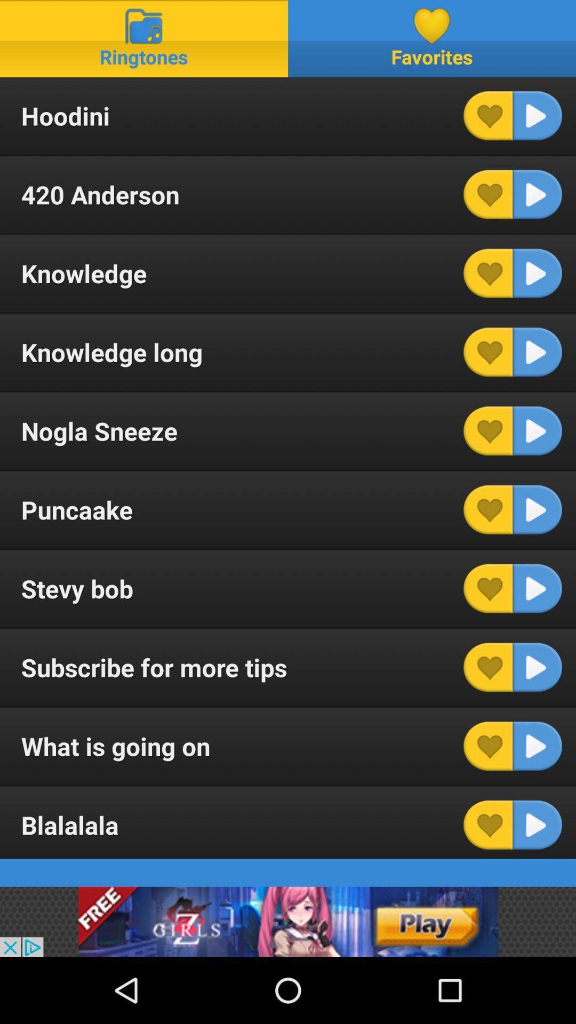 The width and height of the screenshot is (576, 1024). What do you see at coordinates (537, 273) in the screenshot?
I see `play` at bounding box center [537, 273].